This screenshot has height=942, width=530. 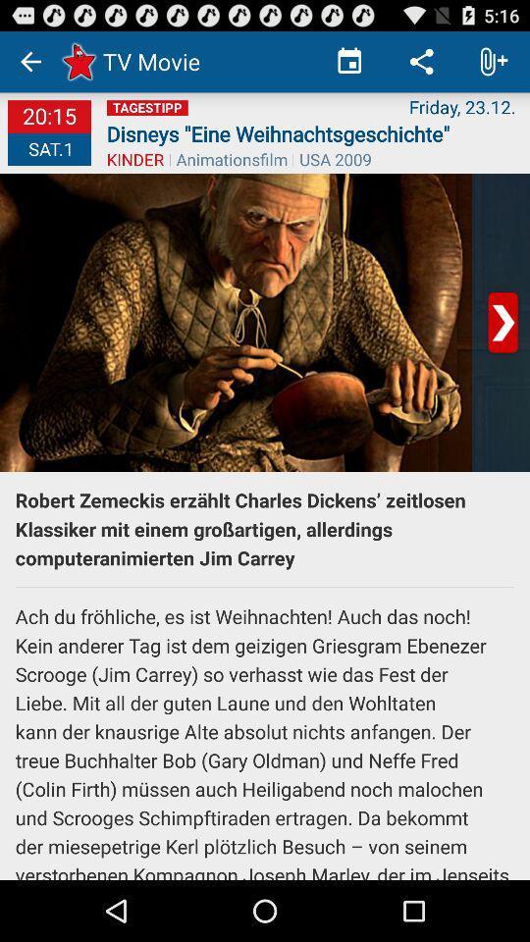 What do you see at coordinates (503, 322) in the screenshot?
I see `the right arrow icon of red color right to image` at bounding box center [503, 322].